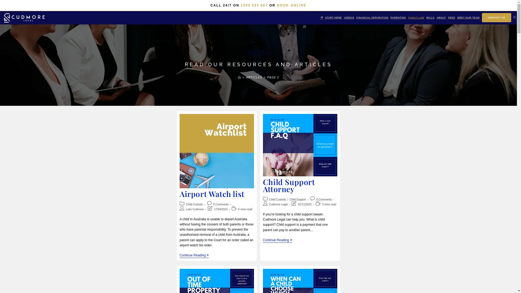 The image size is (521, 293). Describe the element at coordinates (277, 199) in the screenshot. I see `'Child Custody'` at that location.